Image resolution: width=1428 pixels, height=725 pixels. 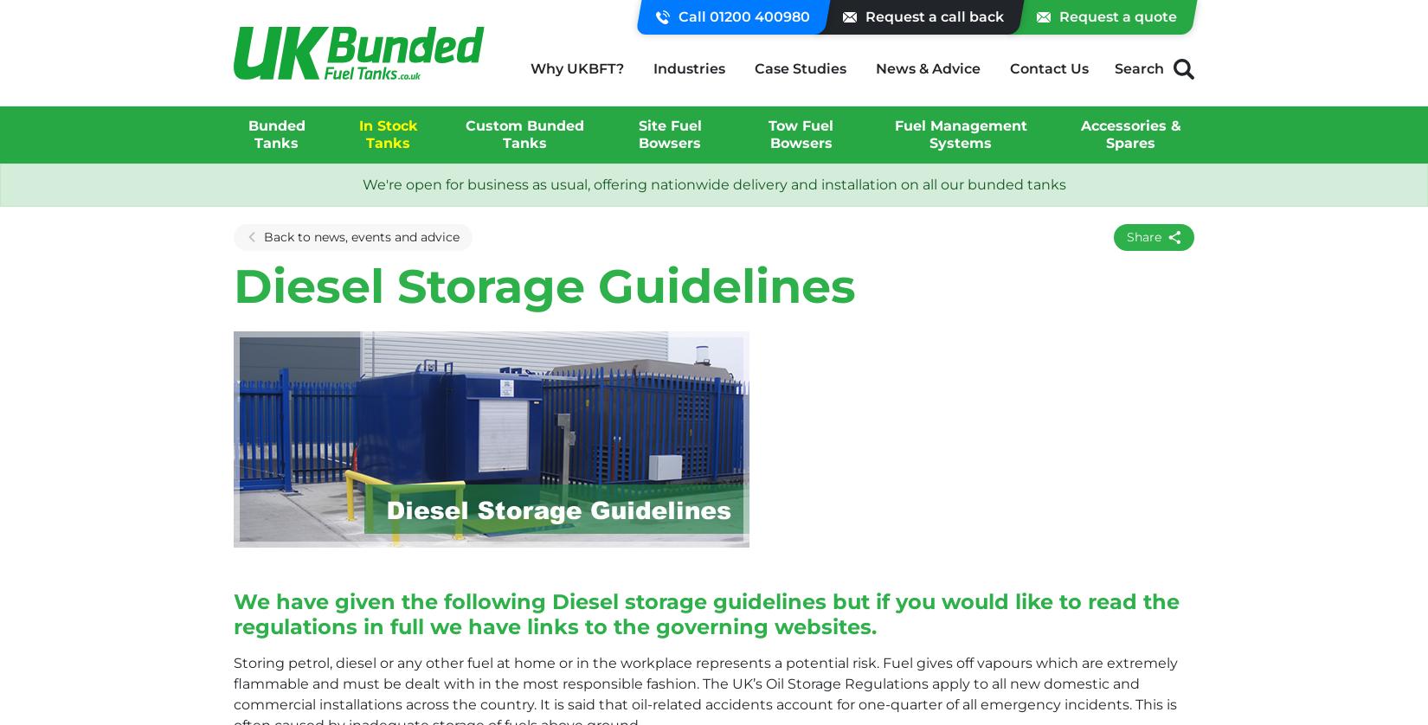 What do you see at coordinates (712, 183) in the screenshot?
I see `'We're open for business as usual, offering nationwide delivery and installation on all our bunded tanks'` at bounding box center [712, 183].